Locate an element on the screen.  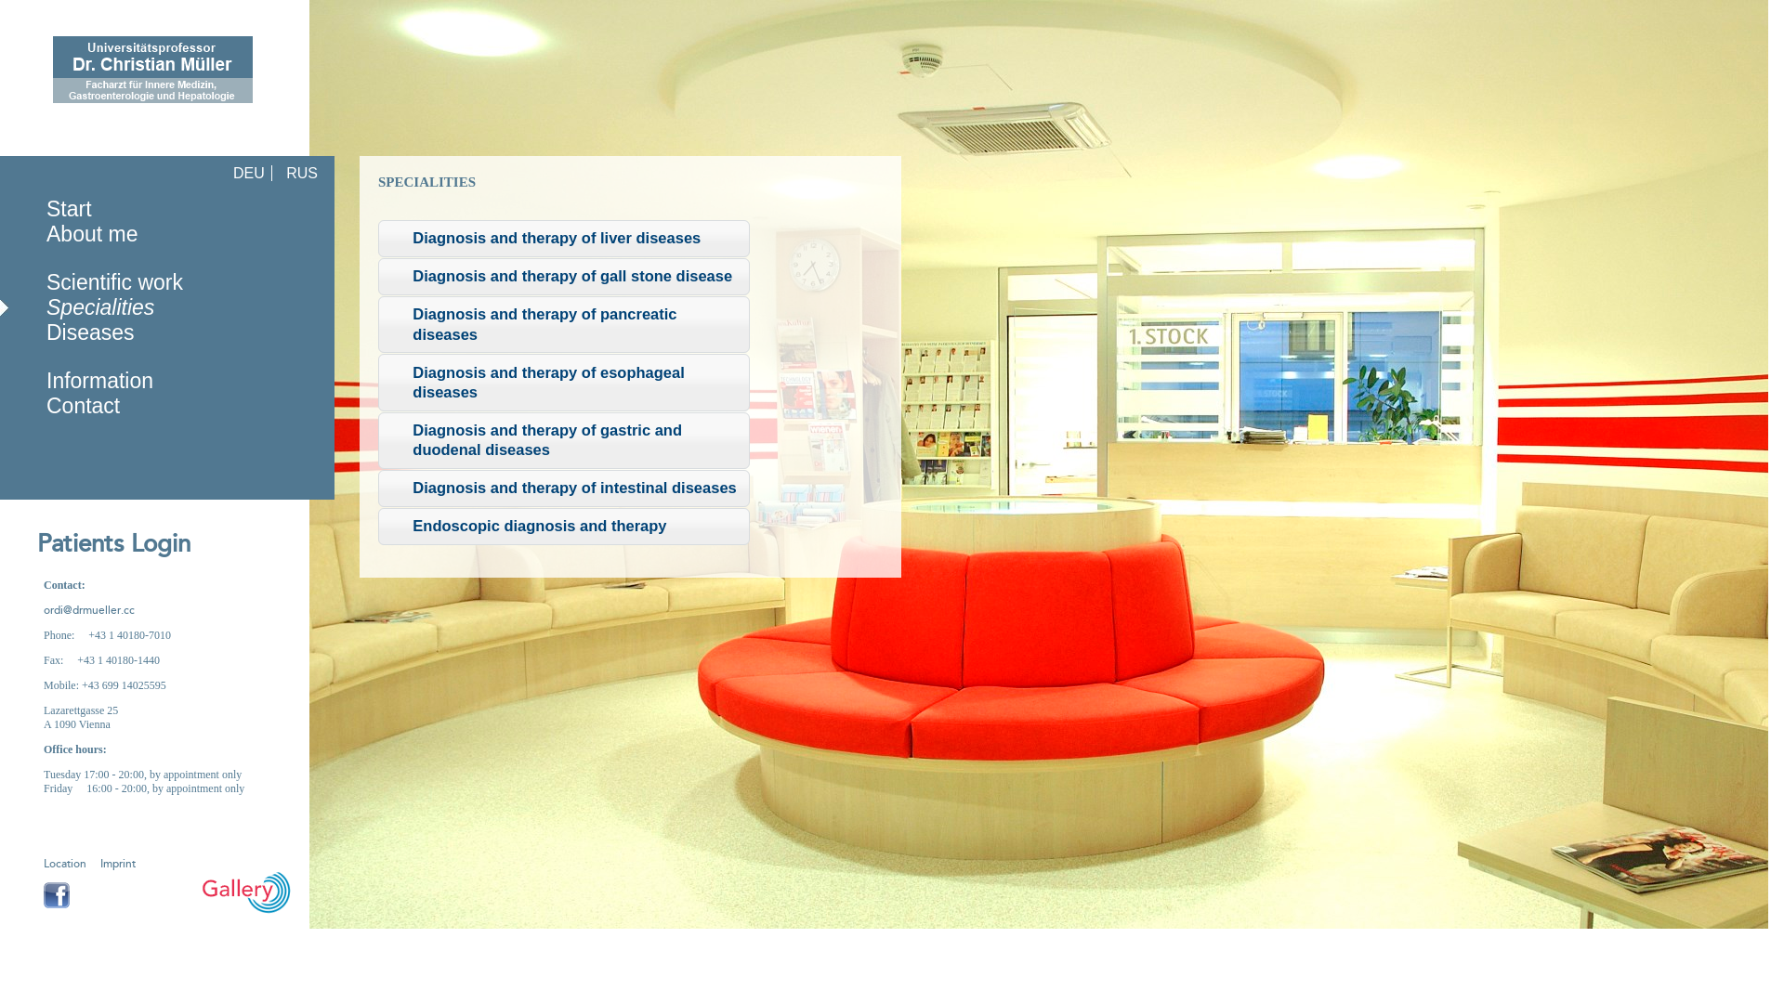
'About me' is located at coordinates (91, 232).